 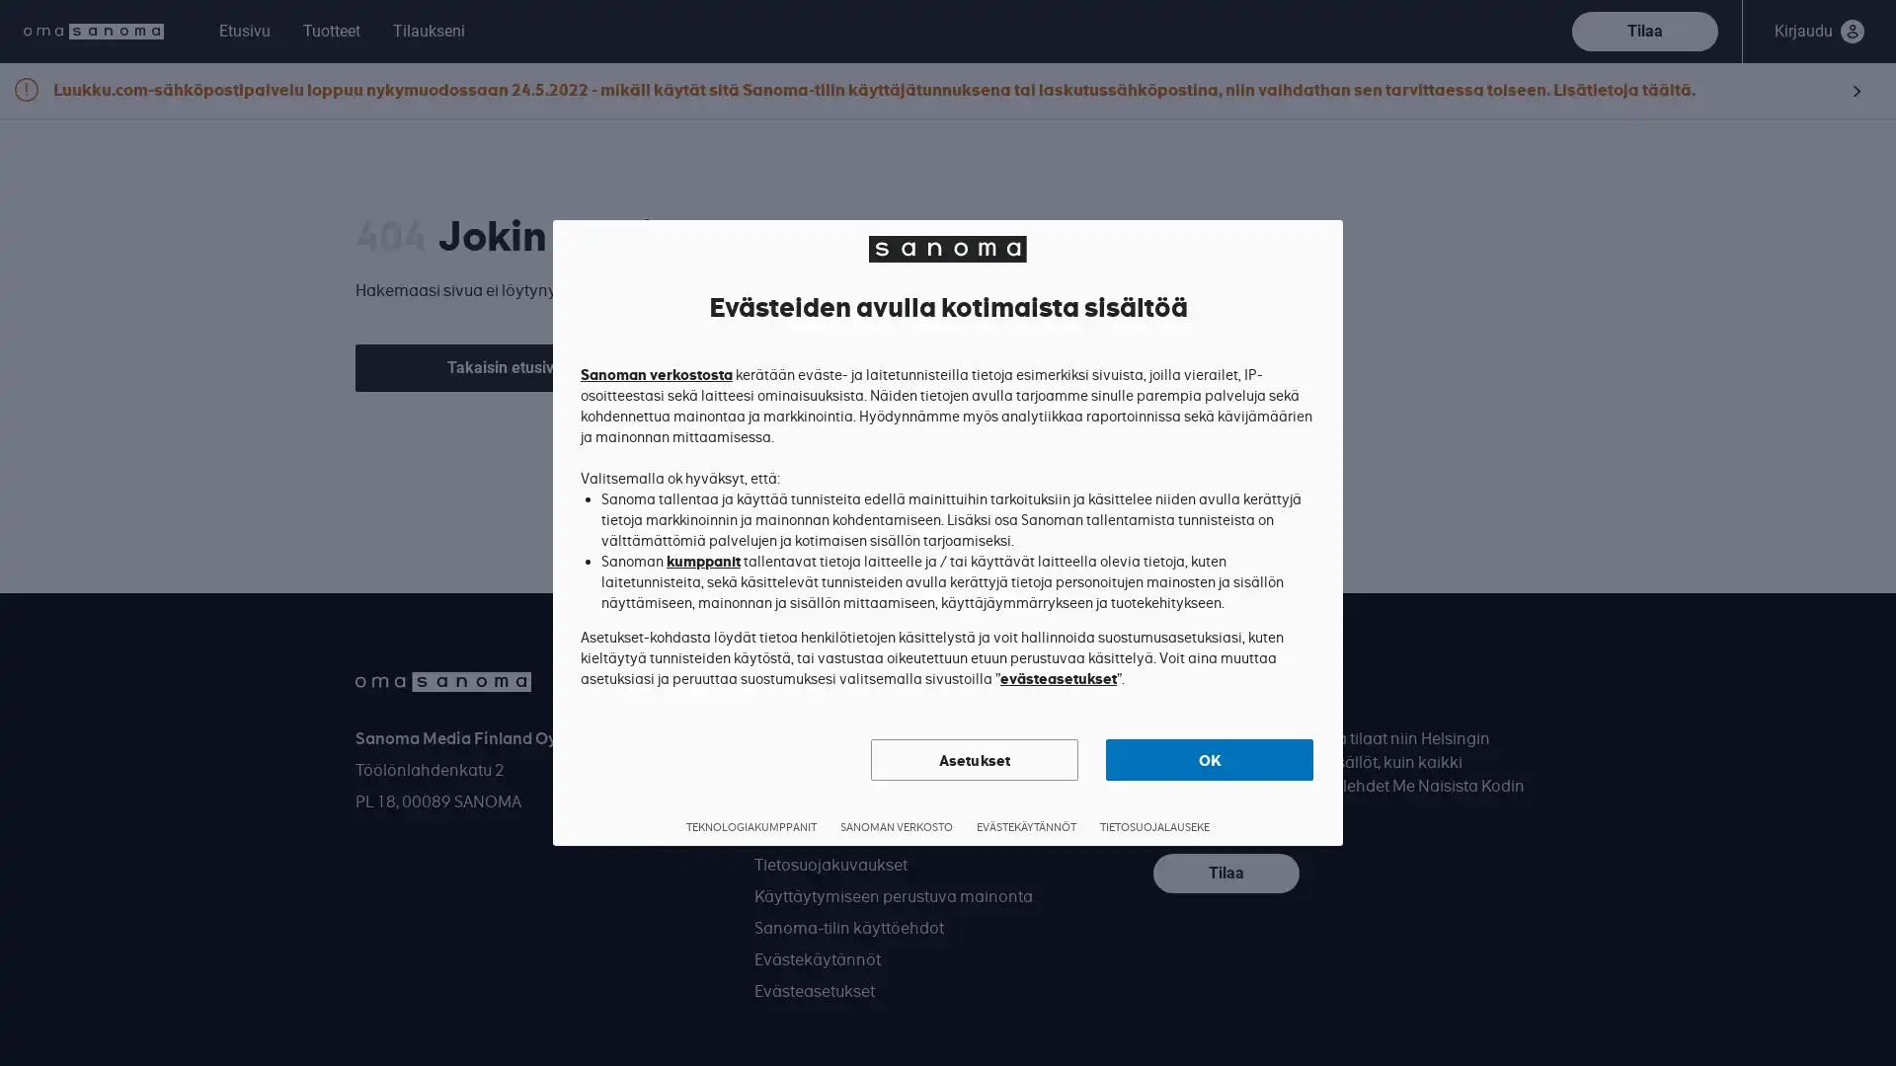 I want to click on Evastekaytannot, so click(x=818, y=958).